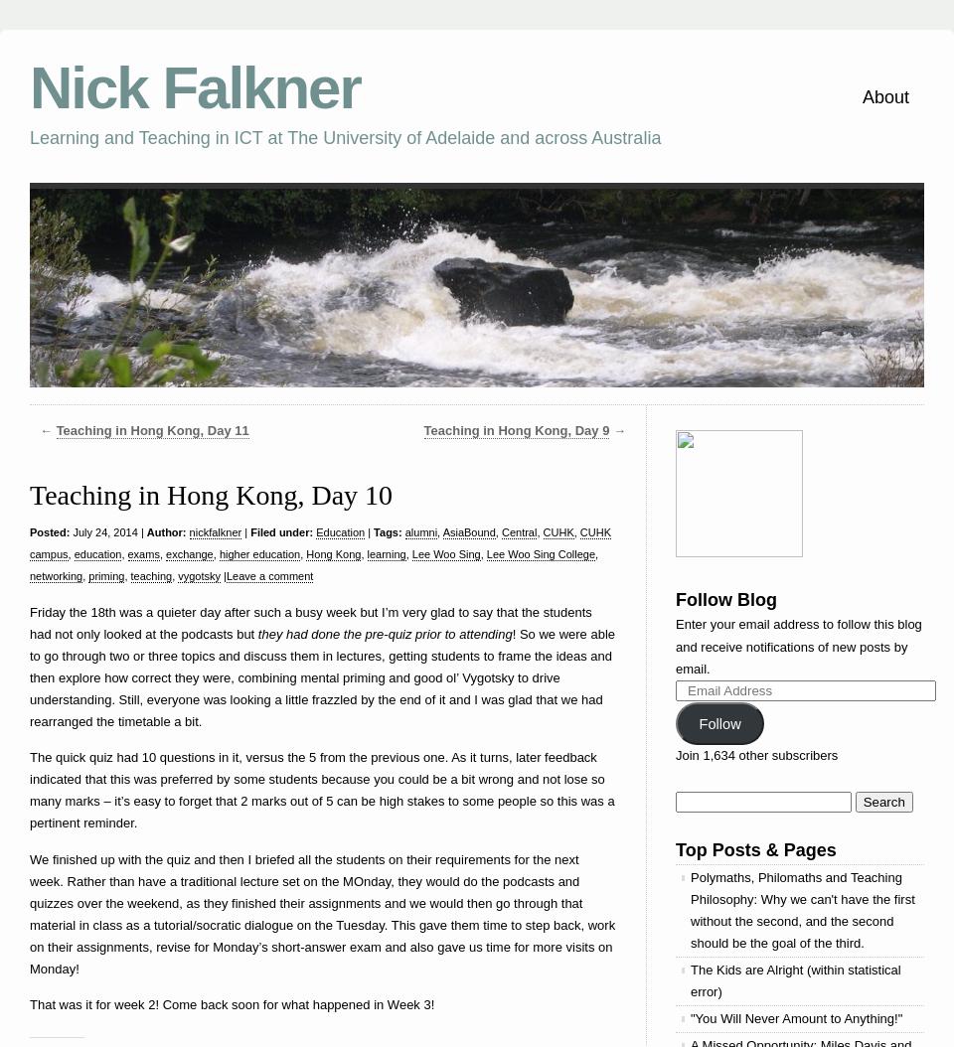 Image resolution: width=954 pixels, height=1047 pixels. I want to click on 'July 24, 2014', so click(69, 531).